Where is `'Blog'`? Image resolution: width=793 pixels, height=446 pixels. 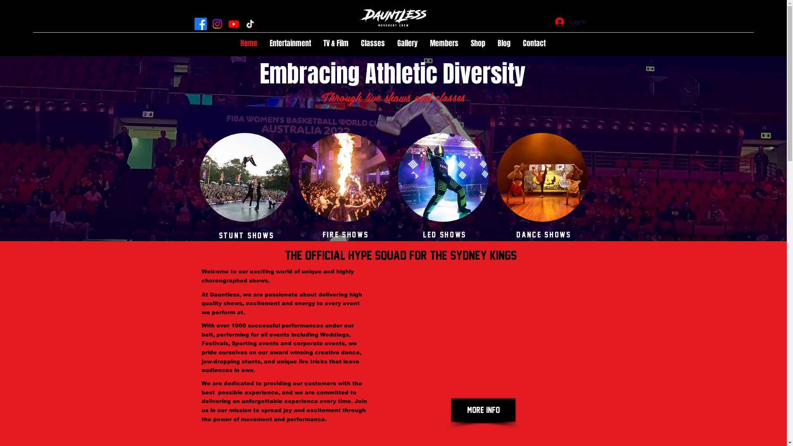
'Blog' is located at coordinates (503, 43).